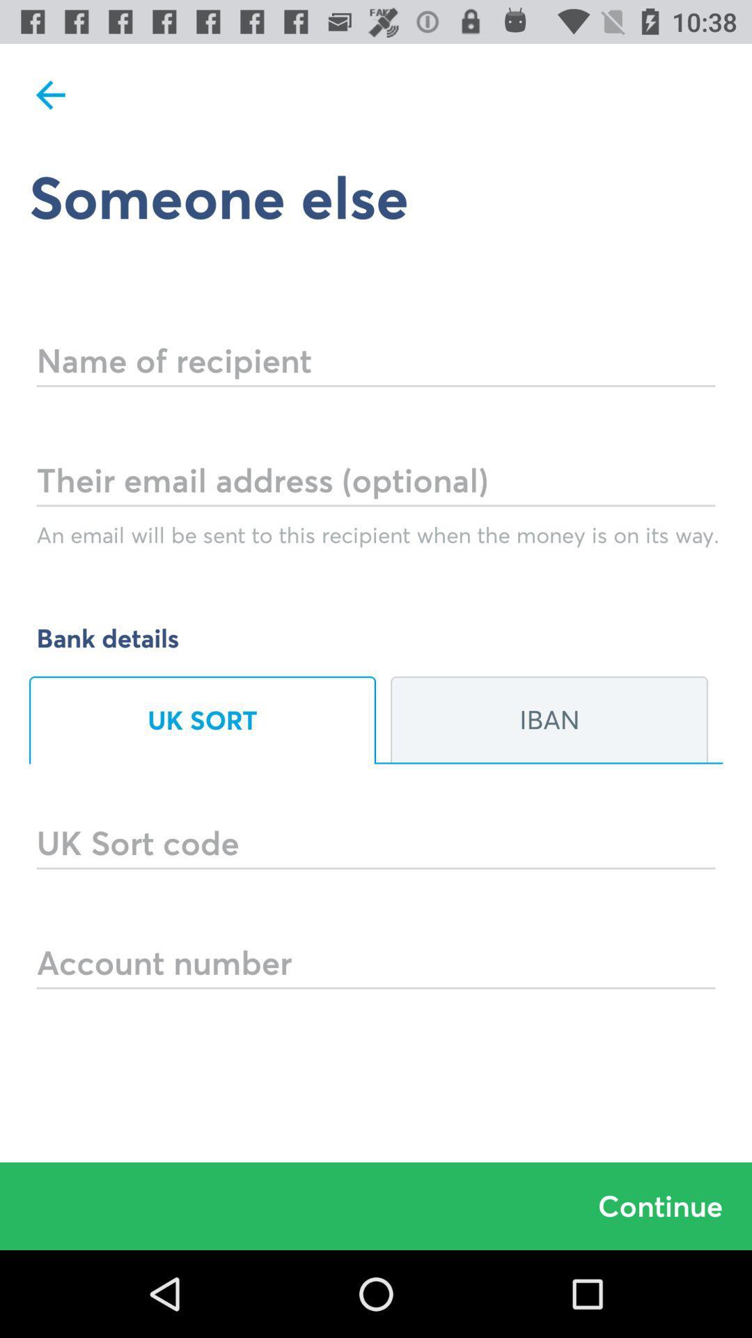 This screenshot has width=752, height=1338. What do you see at coordinates (549, 720) in the screenshot?
I see `iban item` at bounding box center [549, 720].